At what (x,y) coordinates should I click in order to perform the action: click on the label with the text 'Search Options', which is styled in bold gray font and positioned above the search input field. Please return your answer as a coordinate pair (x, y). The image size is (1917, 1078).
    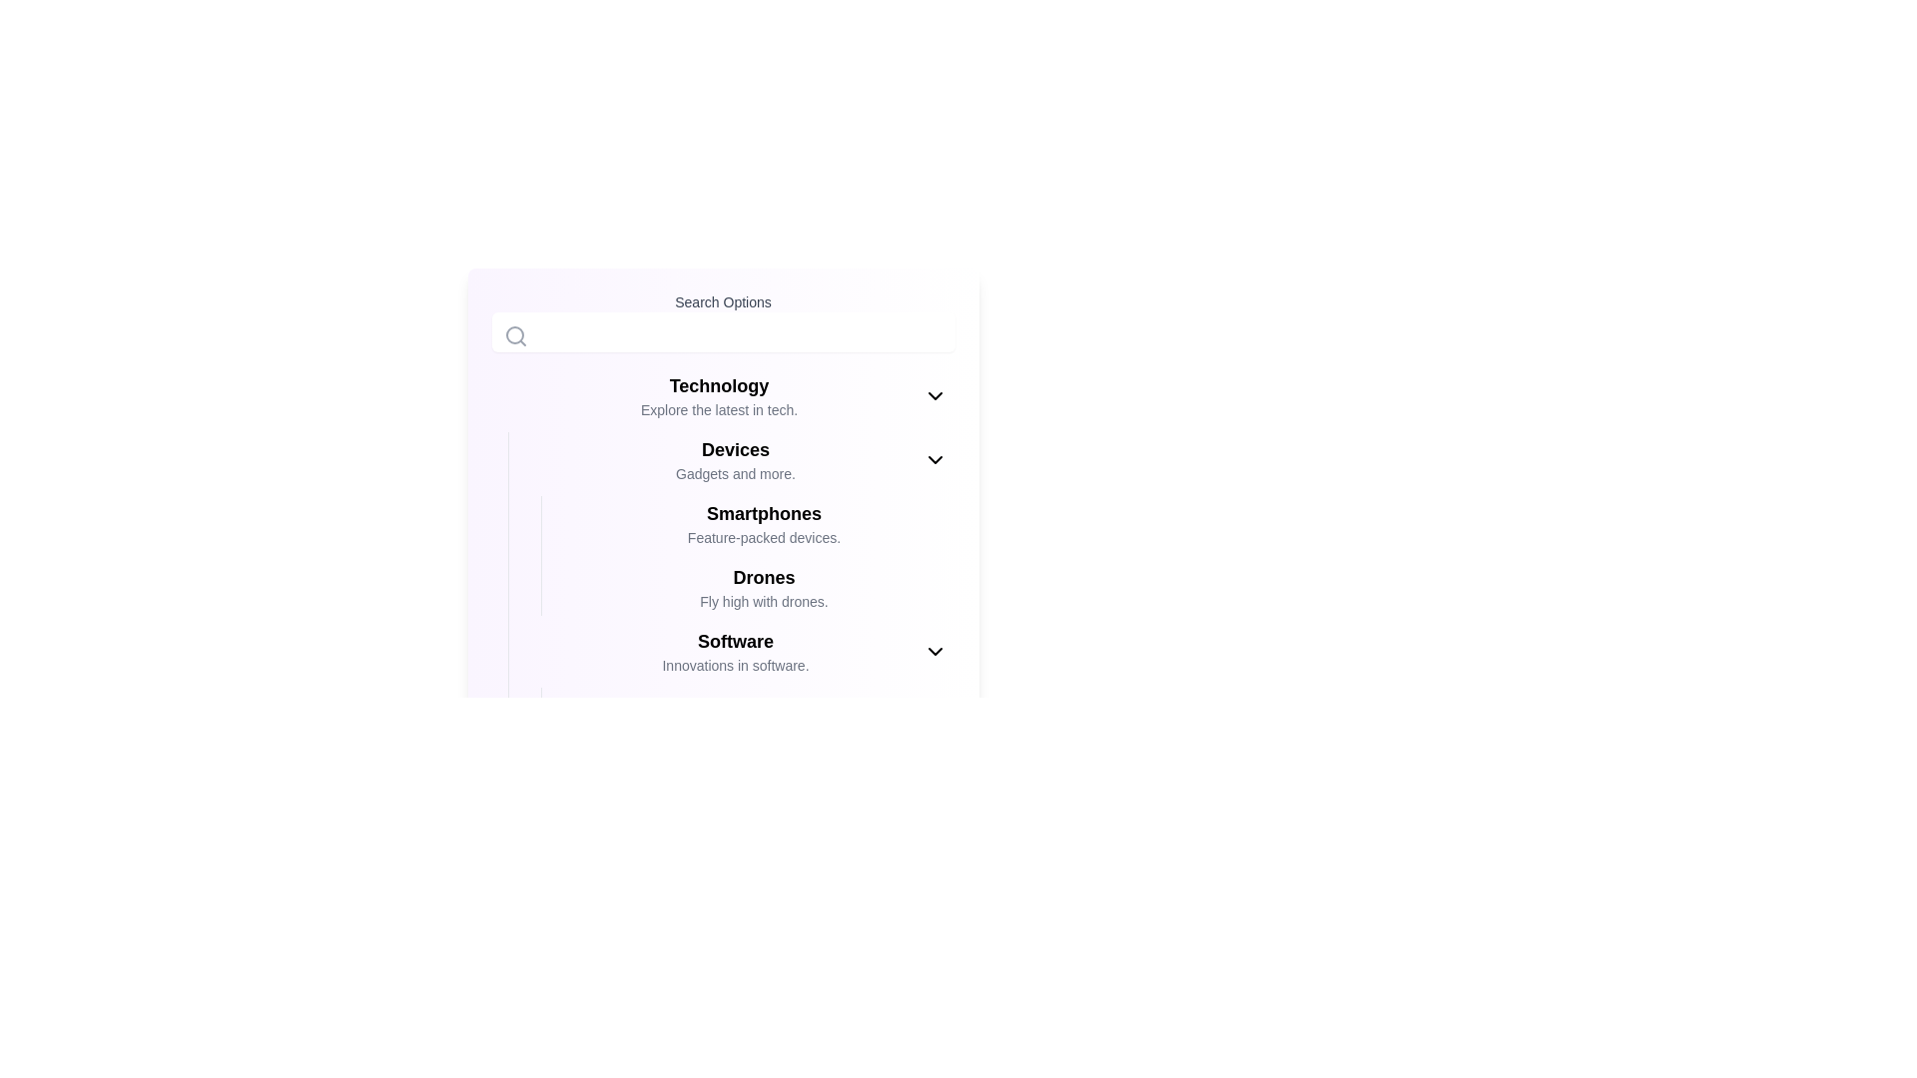
    Looking at the image, I should click on (722, 302).